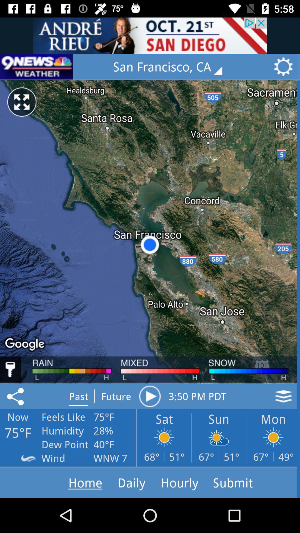 The width and height of the screenshot is (300, 533). I want to click on the layers icon, so click(283, 396).